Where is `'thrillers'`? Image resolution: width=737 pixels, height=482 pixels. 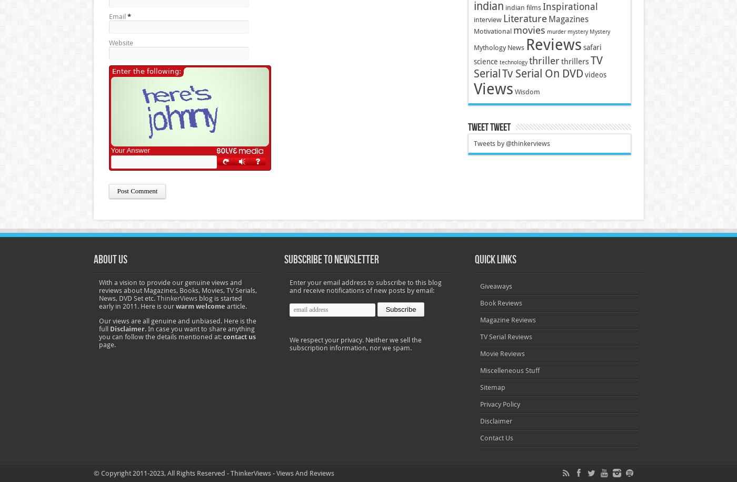 'thrillers' is located at coordinates (574, 61).